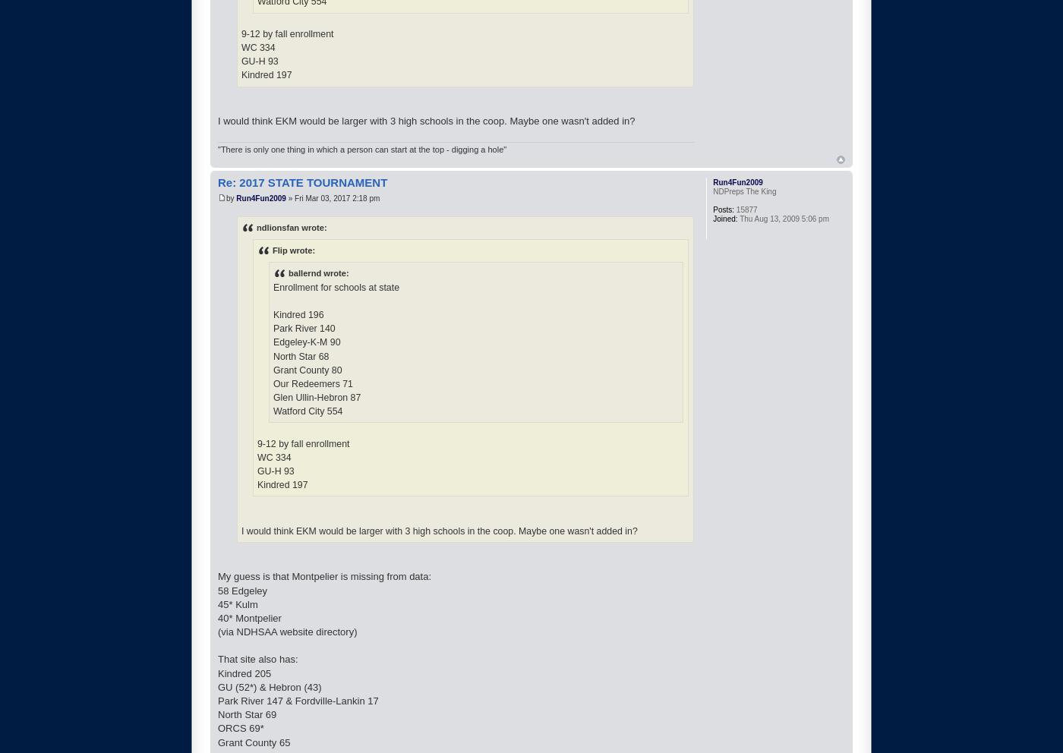  What do you see at coordinates (298, 700) in the screenshot?
I see `'Park River 147 & Fordville-Lankin 17'` at bounding box center [298, 700].